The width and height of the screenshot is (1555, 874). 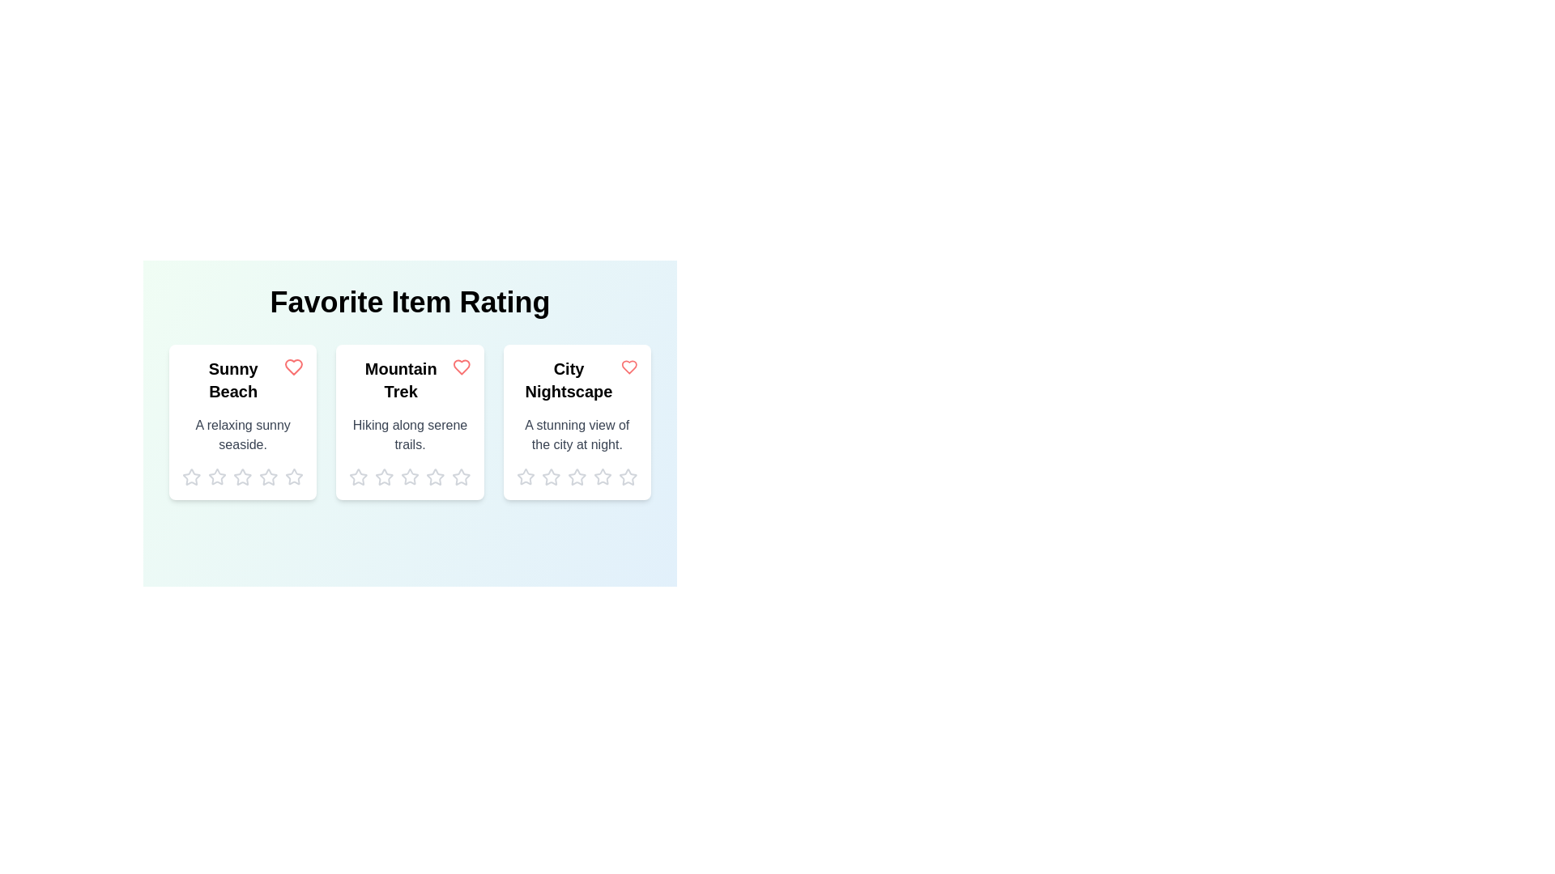 I want to click on the rating of an item to 5 stars, so click(x=294, y=477).